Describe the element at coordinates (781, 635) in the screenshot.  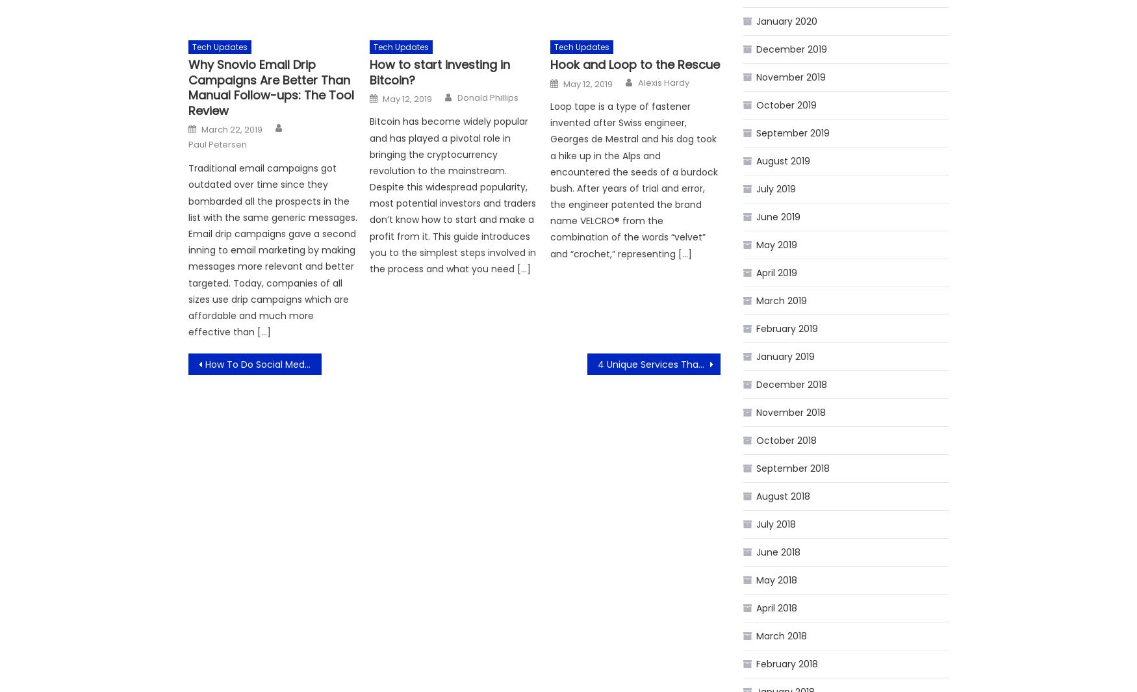
I see `'March 2018'` at that location.